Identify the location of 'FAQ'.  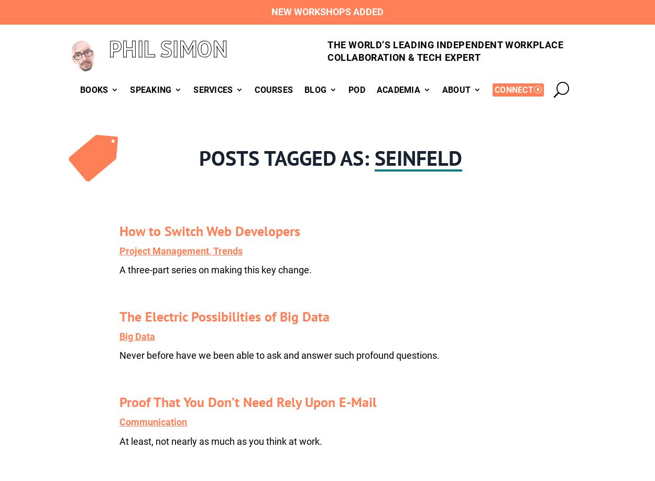
(289, 143).